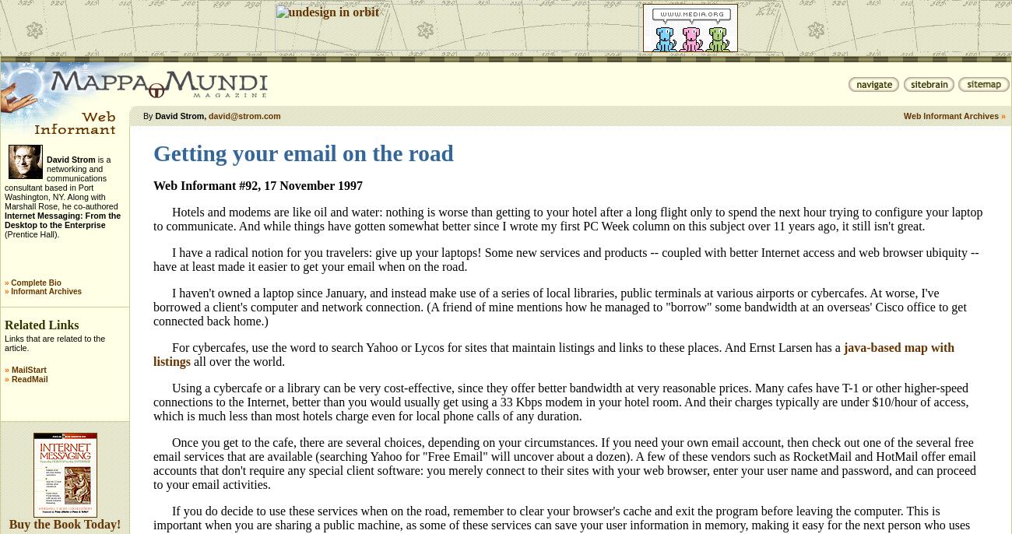  Describe the element at coordinates (565, 259) in the screenshot. I see `'I have a radical notion for you travelers: give up your laptops! Some new services and products -- coupled
with better Internet access and web browser ubiquity -- have at least made it easier to get your email when on the road.'` at that location.